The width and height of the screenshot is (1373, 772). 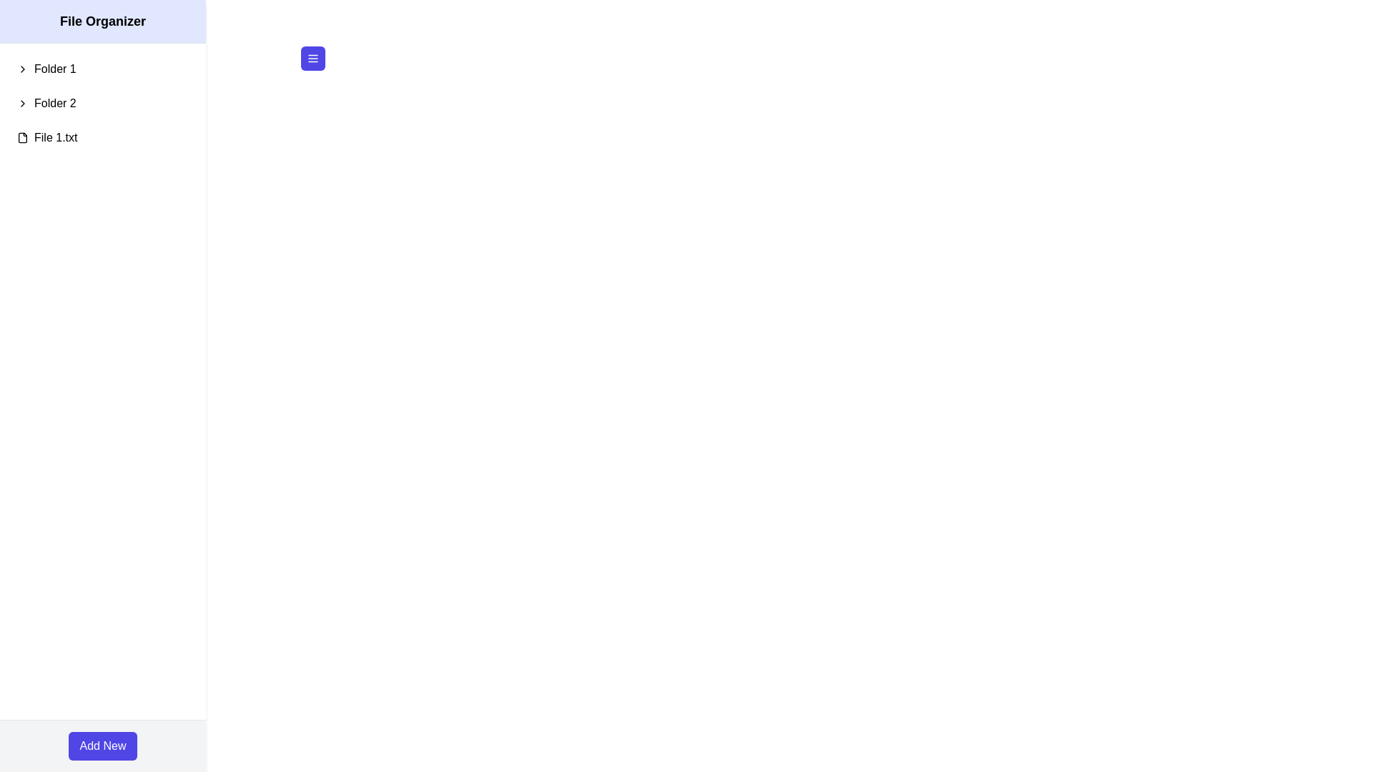 I want to click on the first list item representing a folder in the file explorer, so click(x=102, y=69).